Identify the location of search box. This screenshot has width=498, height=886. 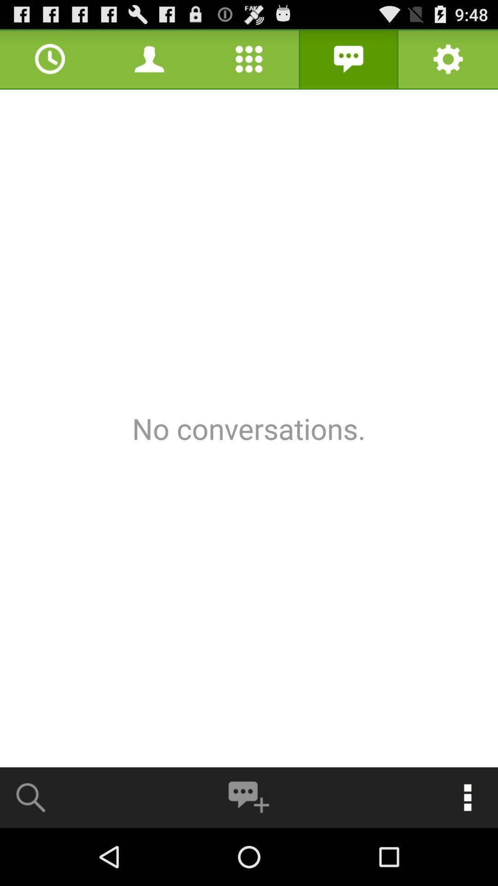
(31, 797).